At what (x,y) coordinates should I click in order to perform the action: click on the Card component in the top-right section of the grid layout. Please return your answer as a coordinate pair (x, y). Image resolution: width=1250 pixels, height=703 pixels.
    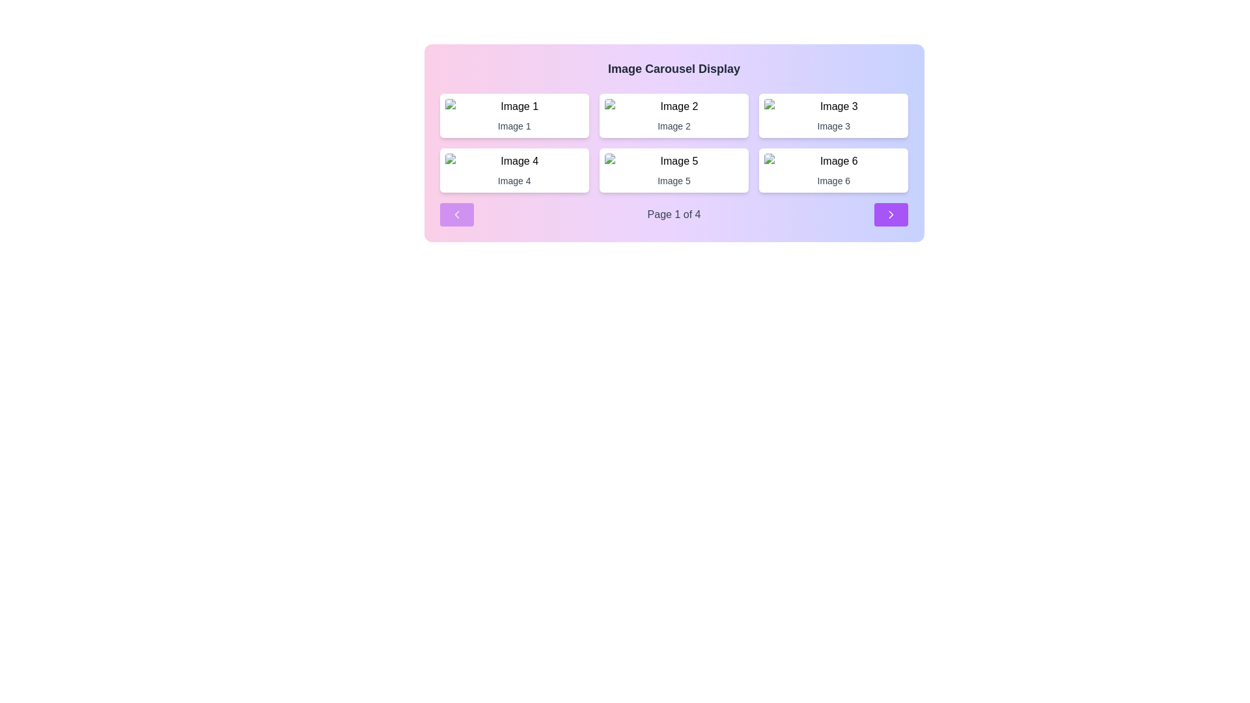
    Looking at the image, I should click on (833, 115).